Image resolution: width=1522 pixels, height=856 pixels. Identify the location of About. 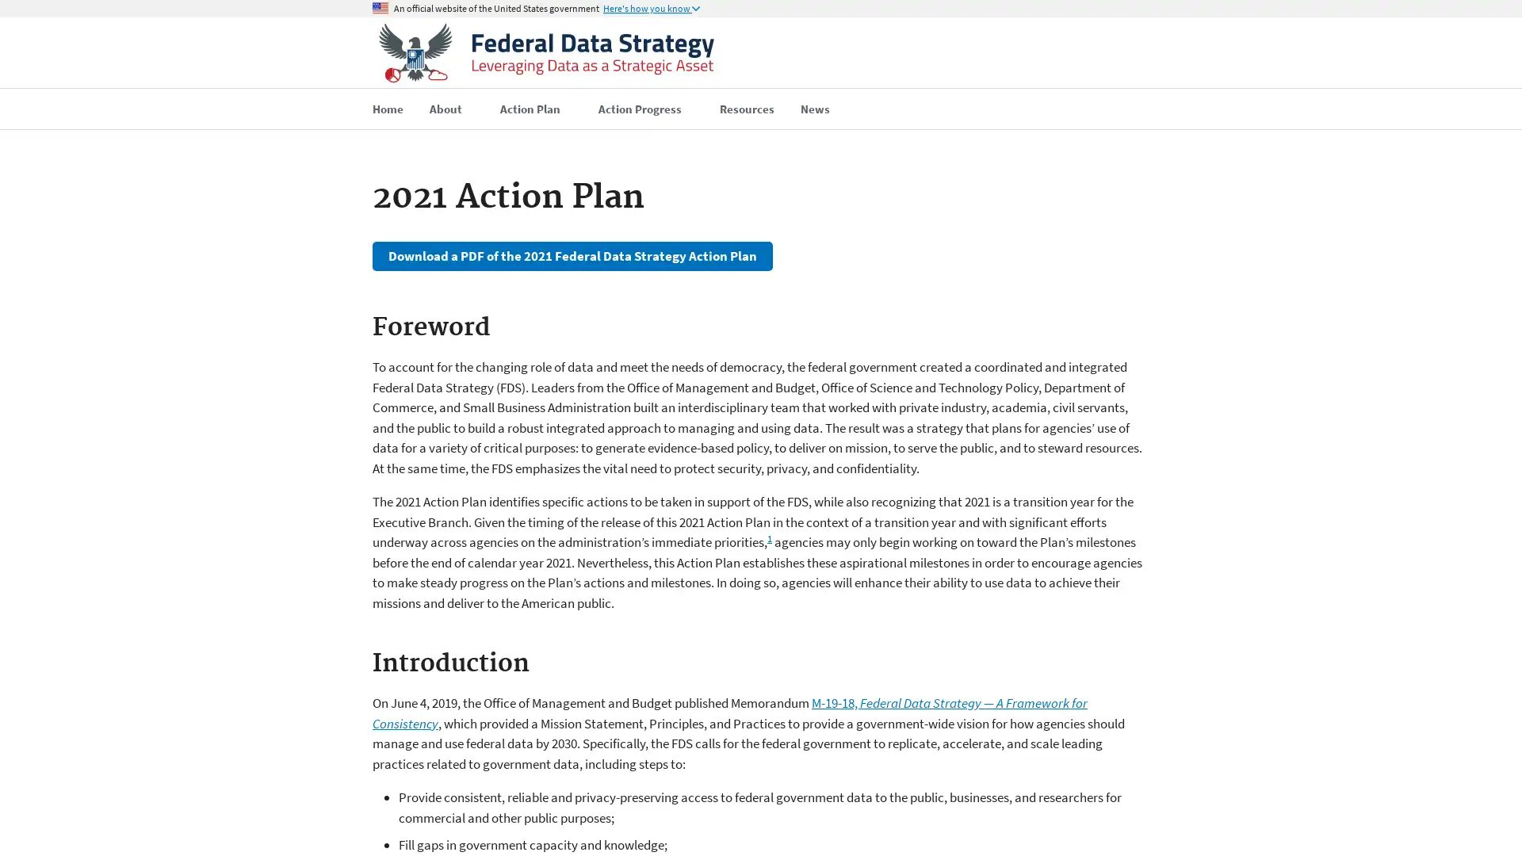
(451, 108).